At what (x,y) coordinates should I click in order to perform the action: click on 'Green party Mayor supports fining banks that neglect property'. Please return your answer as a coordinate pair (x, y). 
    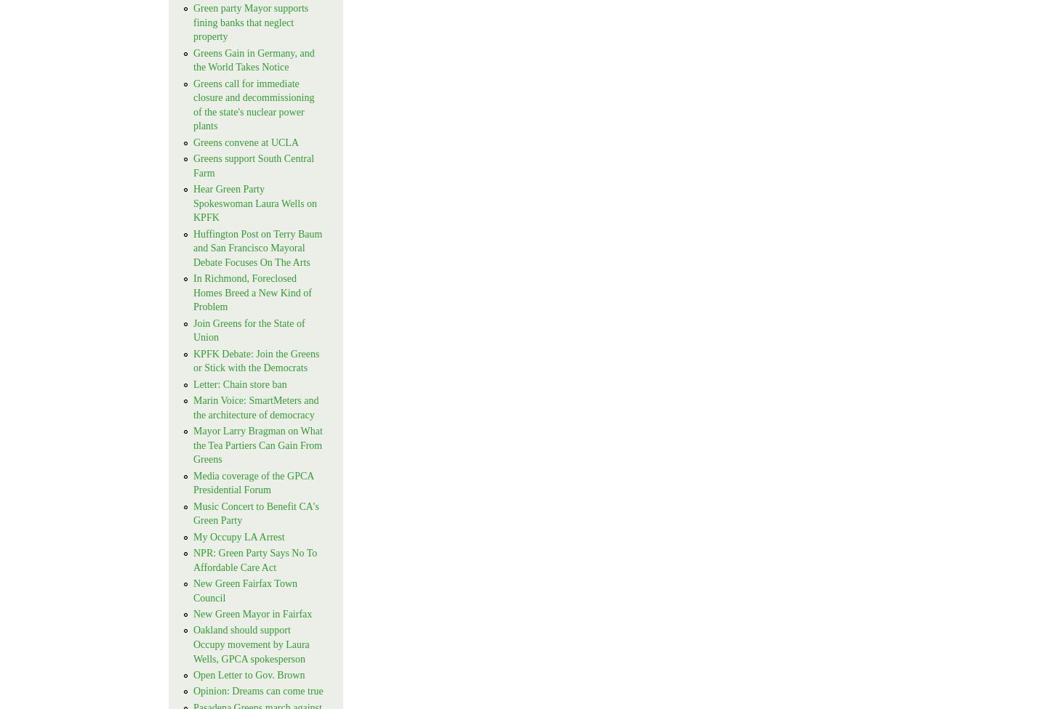
    Looking at the image, I should click on (251, 22).